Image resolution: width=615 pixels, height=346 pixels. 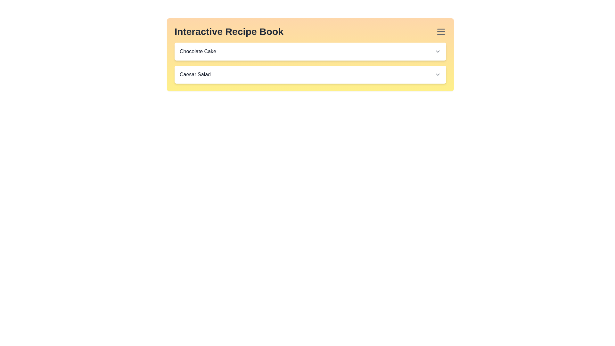 I want to click on the downward-facing chevron icon with a black outline located at the far right of the 'Caesar Salad' section, so click(x=438, y=74).